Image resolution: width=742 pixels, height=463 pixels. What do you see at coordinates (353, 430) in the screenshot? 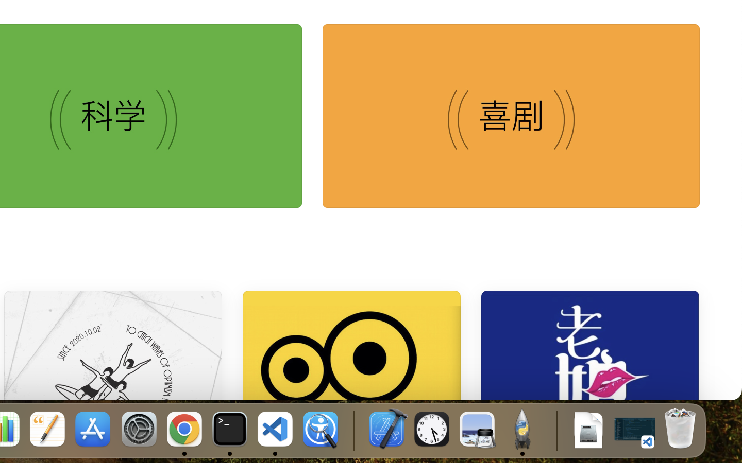
I see `'0.4285714328289032'` at bounding box center [353, 430].